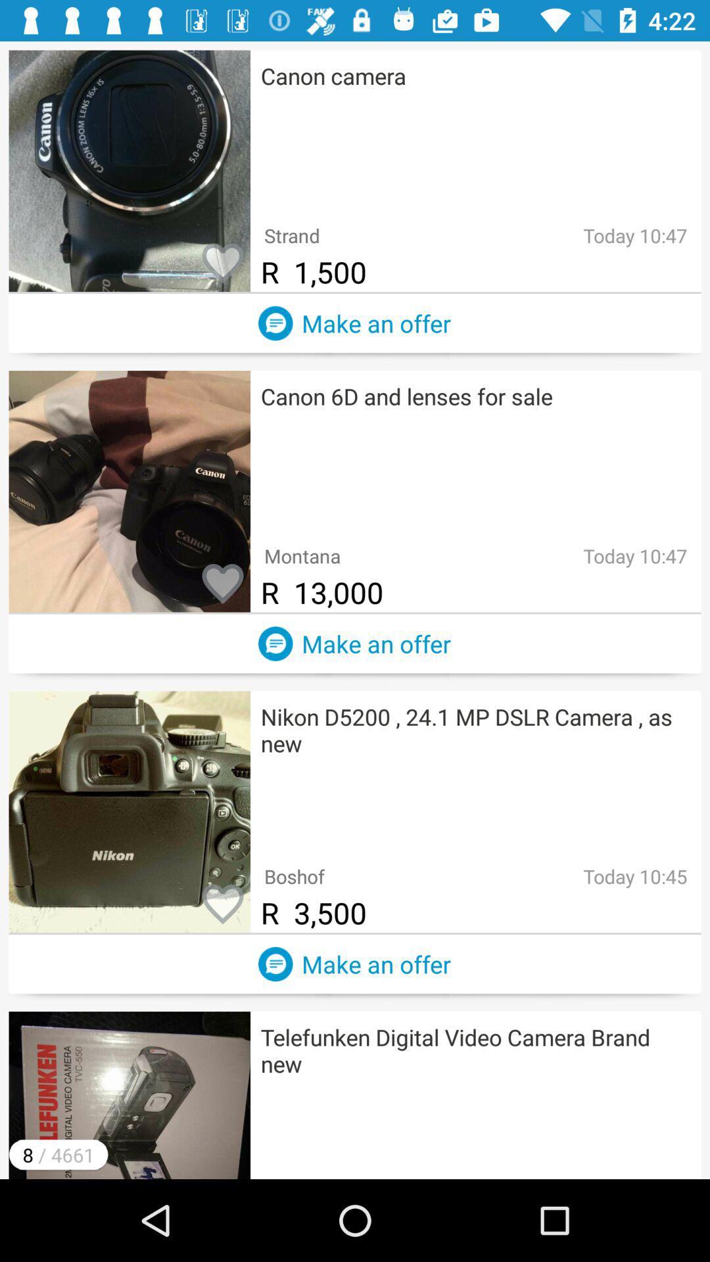 Image resolution: width=710 pixels, height=1262 pixels. I want to click on chat with seller, so click(275, 964).